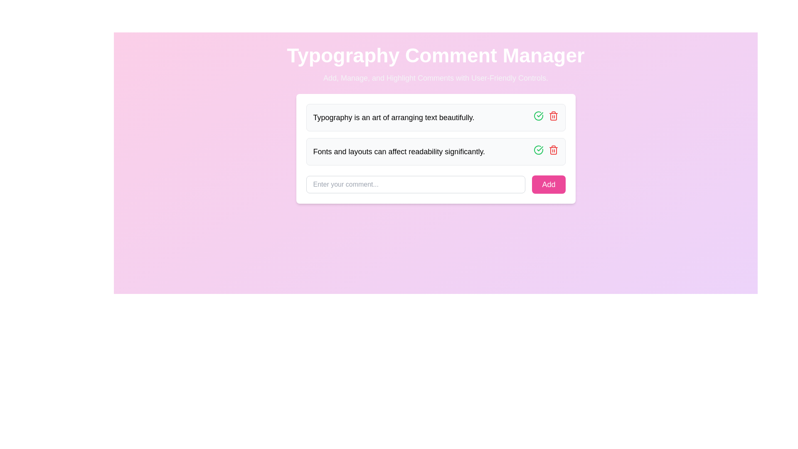 The width and height of the screenshot is (798, 449). What do you see at coordinates (549, 184) in the screenshot?
I see `the pink rectangular button with rounded corners labeled 'Add'` at bounding box center [549, 184].